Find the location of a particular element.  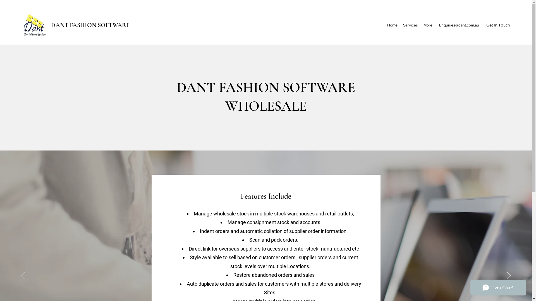

'Enquiries@dant.com.au' is located at coordinates (459, 25).